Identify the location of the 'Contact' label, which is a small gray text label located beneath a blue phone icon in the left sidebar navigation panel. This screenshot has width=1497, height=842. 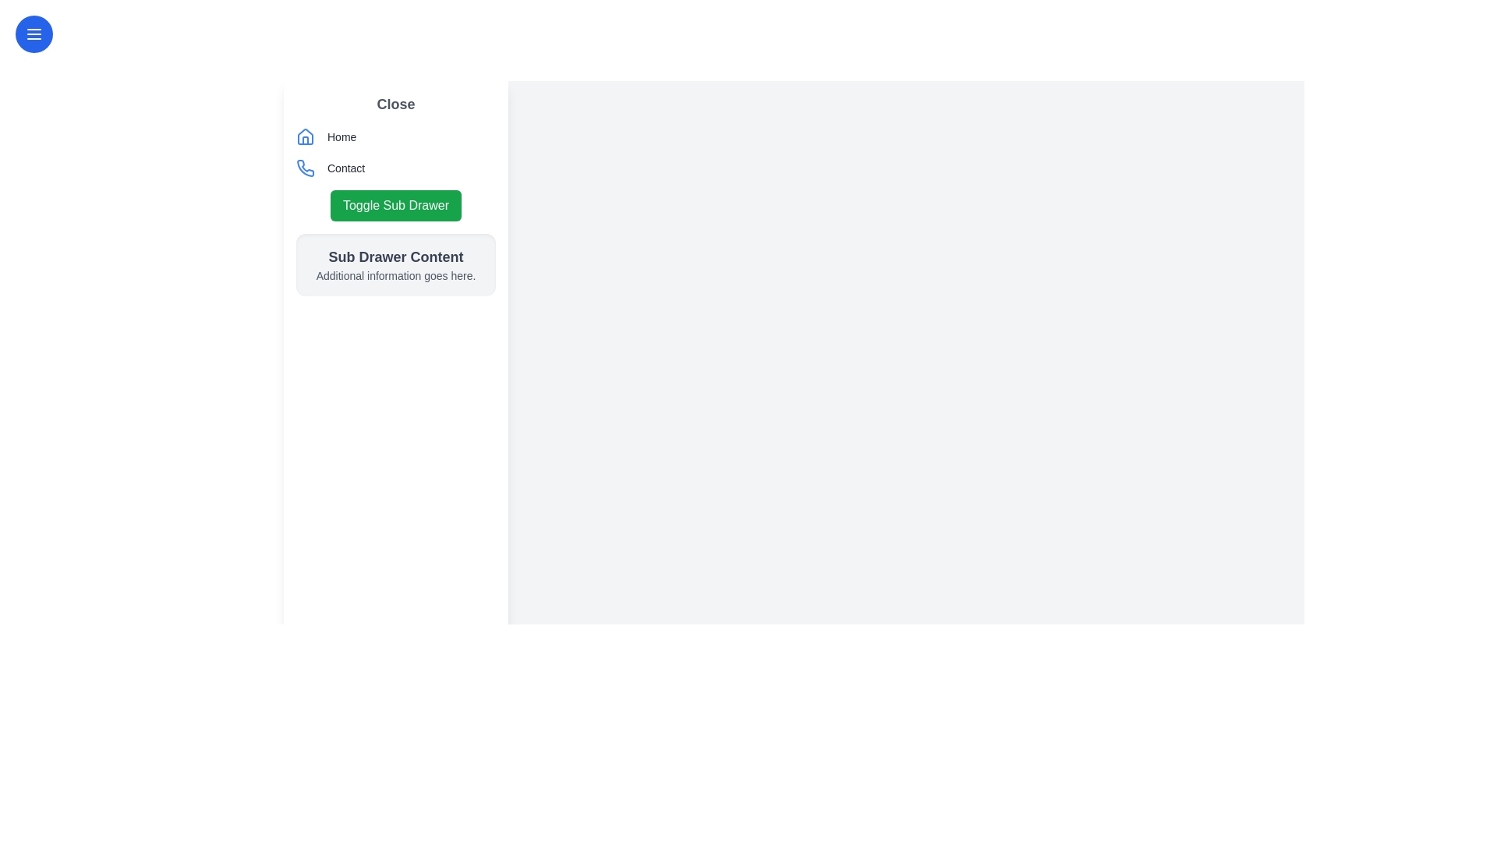
(345, 168).